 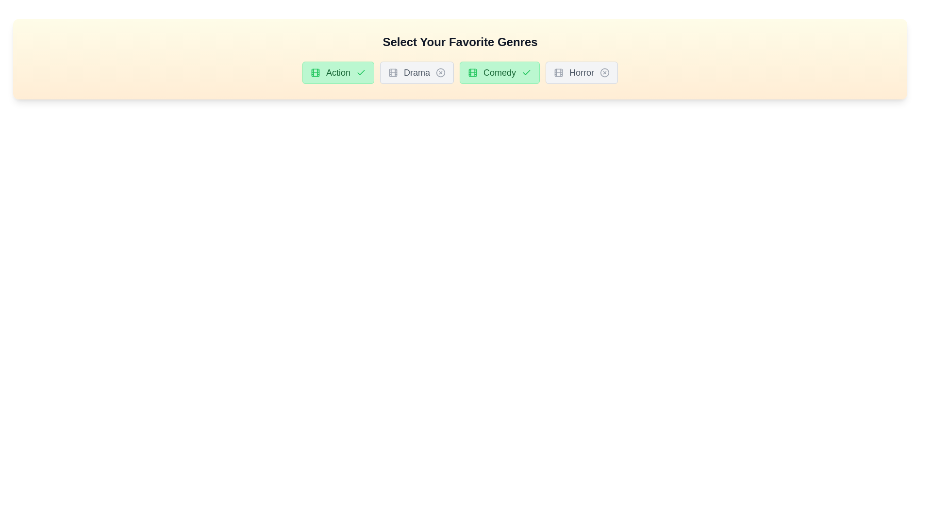 What do you see at coordinates (582, 72) in the screenshot?
I see `the genre Horror` at bounding box center [582, 72].